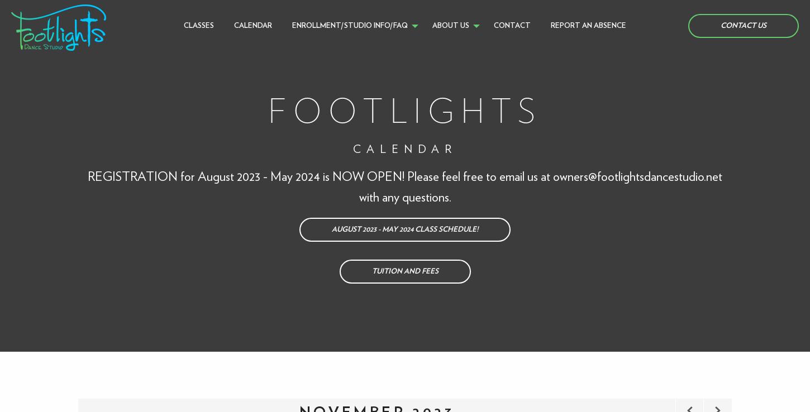 Image resolution: width=810 pixels, height=412 pixels. I want to click on 'REGISTRATION for August 2023 - May 2024 is NOW OPEN! Please feel free to email us at', so click(87, 176).